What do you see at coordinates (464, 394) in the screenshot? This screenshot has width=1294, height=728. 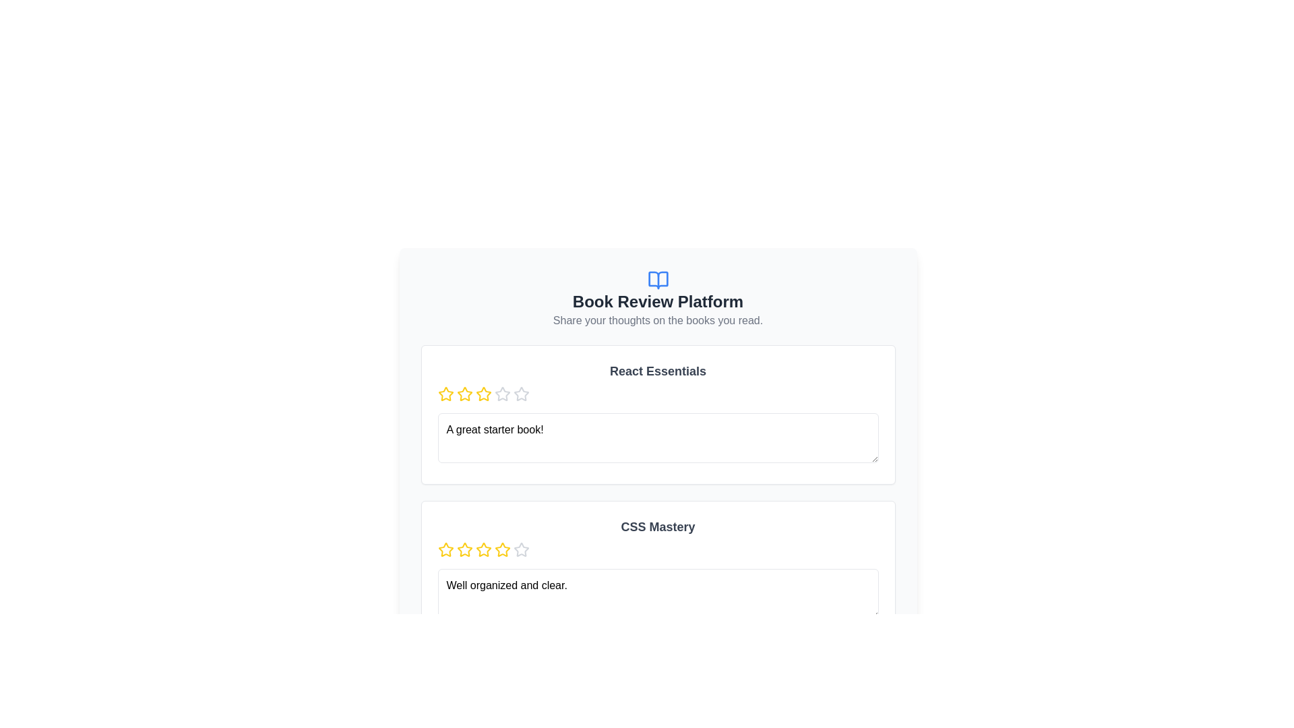 I see `the second star icon in the horizontal row above the 'React Essentials' text area to provide a 2-star rating` at bounding box center [464, 394].